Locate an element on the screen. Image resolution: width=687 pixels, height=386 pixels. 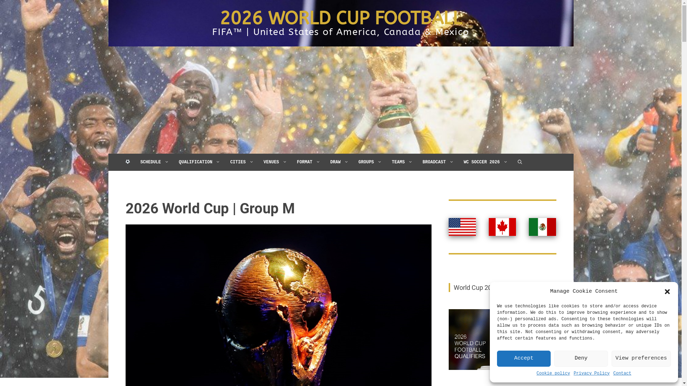
'SCHEDULE' is located at coordinates (154, 162).